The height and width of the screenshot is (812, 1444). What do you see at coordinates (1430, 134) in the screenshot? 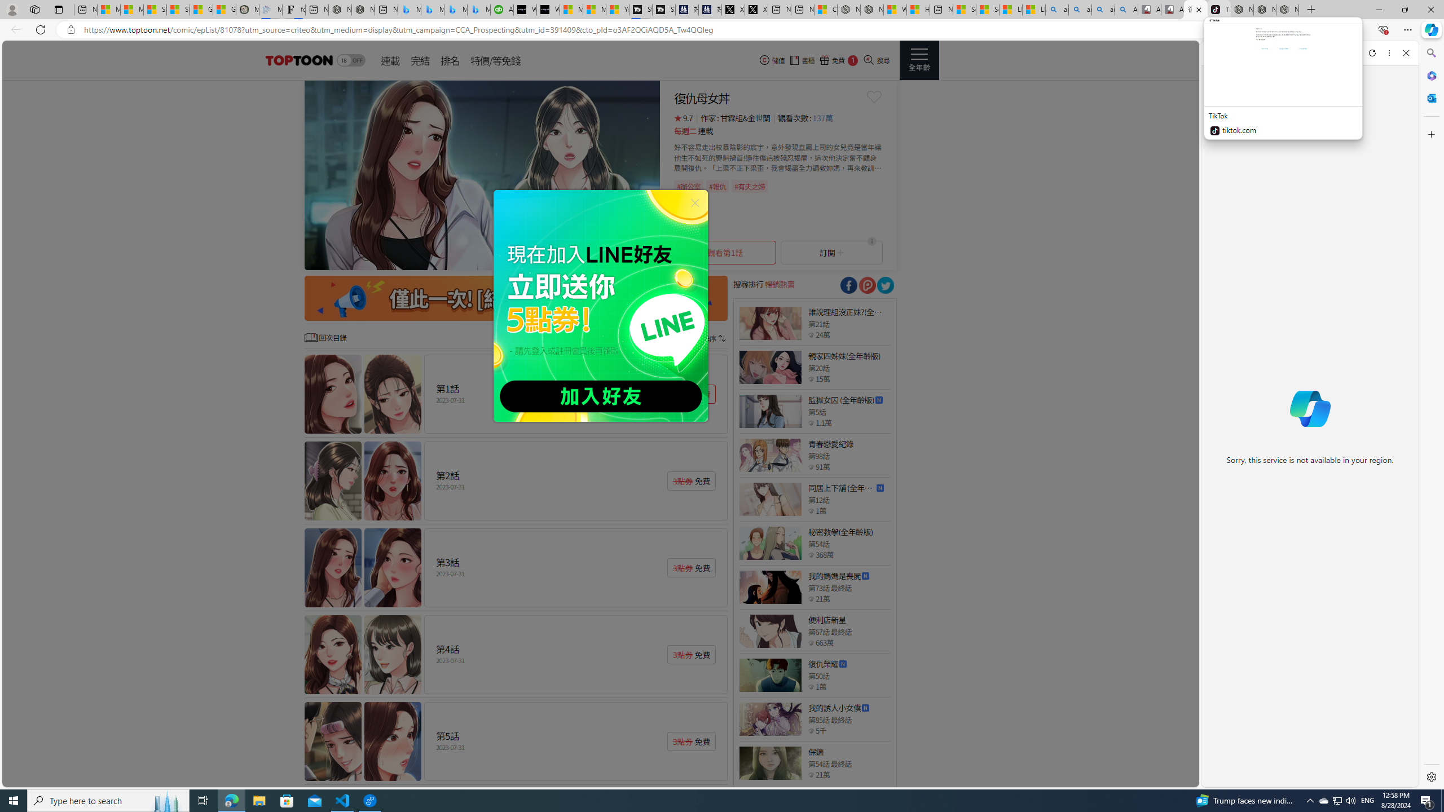
I see `'Customize'` at bounding box center [1430, 134].